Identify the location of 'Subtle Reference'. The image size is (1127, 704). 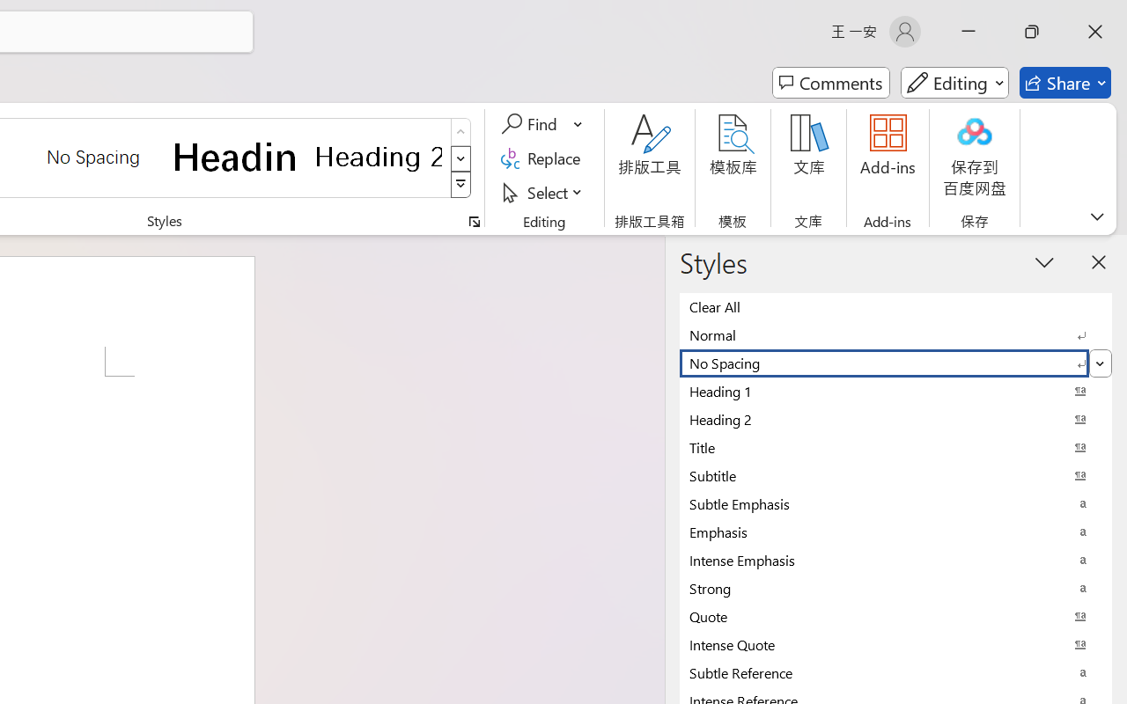
(895, 672).